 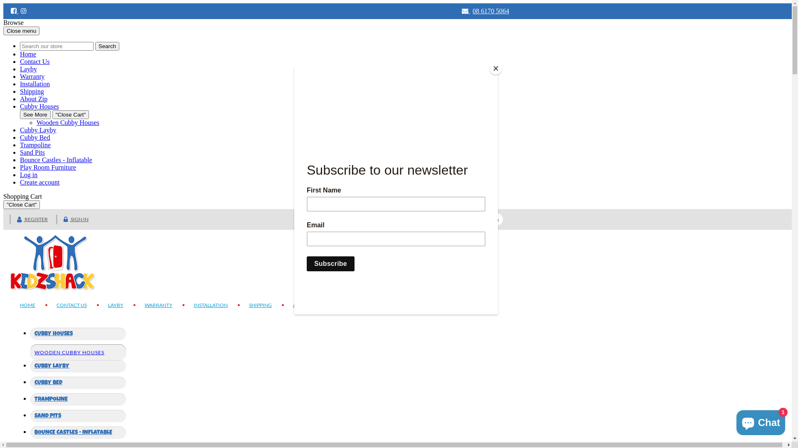 What do you see at coordinates (33, 98) in the screenshot?
I see `'About Zip'` at bounding box center [33, 98].